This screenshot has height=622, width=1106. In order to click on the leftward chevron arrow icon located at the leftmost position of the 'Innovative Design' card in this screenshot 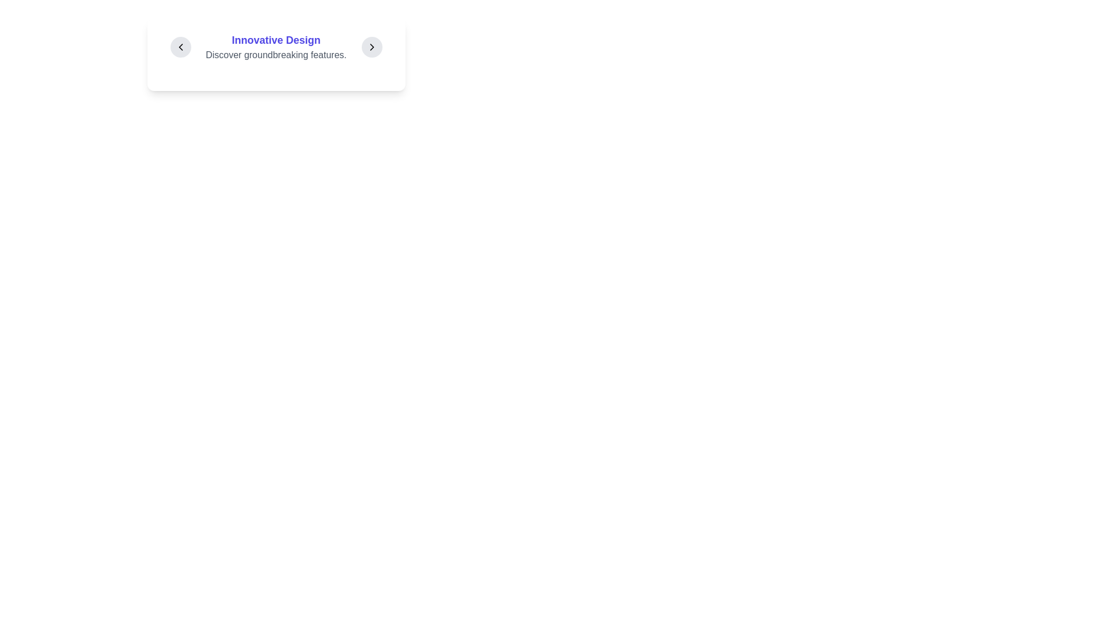, I will do `click(180, 46)`.